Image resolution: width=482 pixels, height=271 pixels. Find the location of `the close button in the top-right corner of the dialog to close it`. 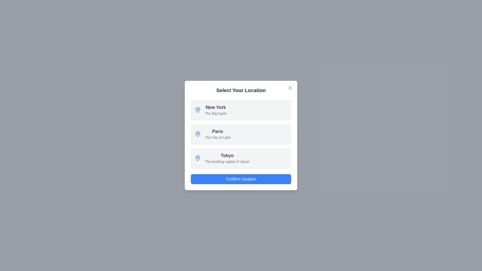

the close button in the top-right corner of the dialog to close it is located at coordinates (290, 88).